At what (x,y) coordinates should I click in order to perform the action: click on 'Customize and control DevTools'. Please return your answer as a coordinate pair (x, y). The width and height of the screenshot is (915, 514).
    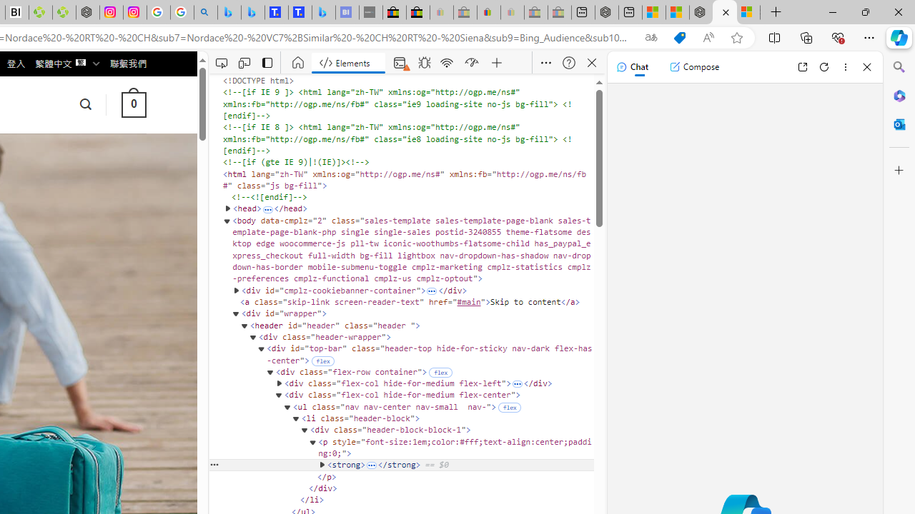
    Looking at the image, I should click on (545, 62).